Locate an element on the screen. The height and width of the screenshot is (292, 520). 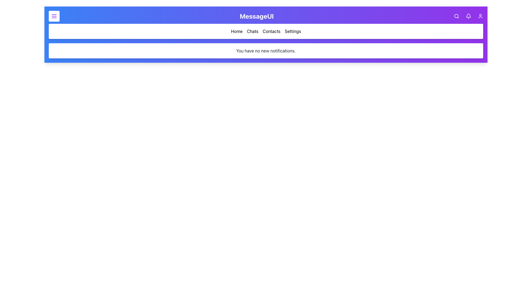
the third navigation link in the top center menu that leads to the Contacts section is located at coordinates (266, 31).